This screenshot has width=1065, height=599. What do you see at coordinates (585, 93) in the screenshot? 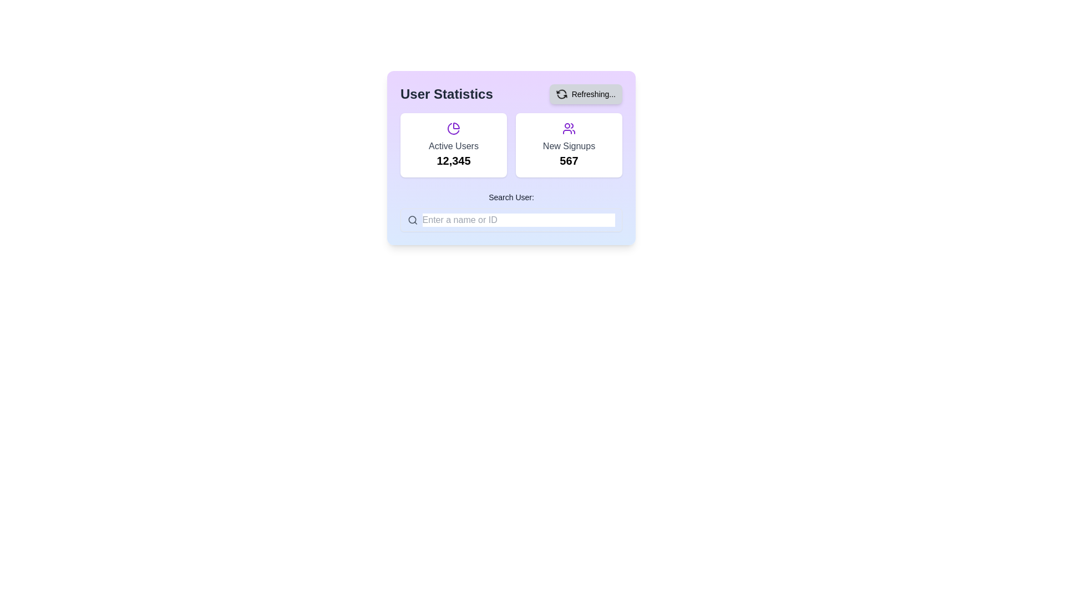
I see `the 'Refreshing...' button with a grey background and rounded corners located in the top-right corner of the 'User Statistics' panel` at bounding box center [585, 93].